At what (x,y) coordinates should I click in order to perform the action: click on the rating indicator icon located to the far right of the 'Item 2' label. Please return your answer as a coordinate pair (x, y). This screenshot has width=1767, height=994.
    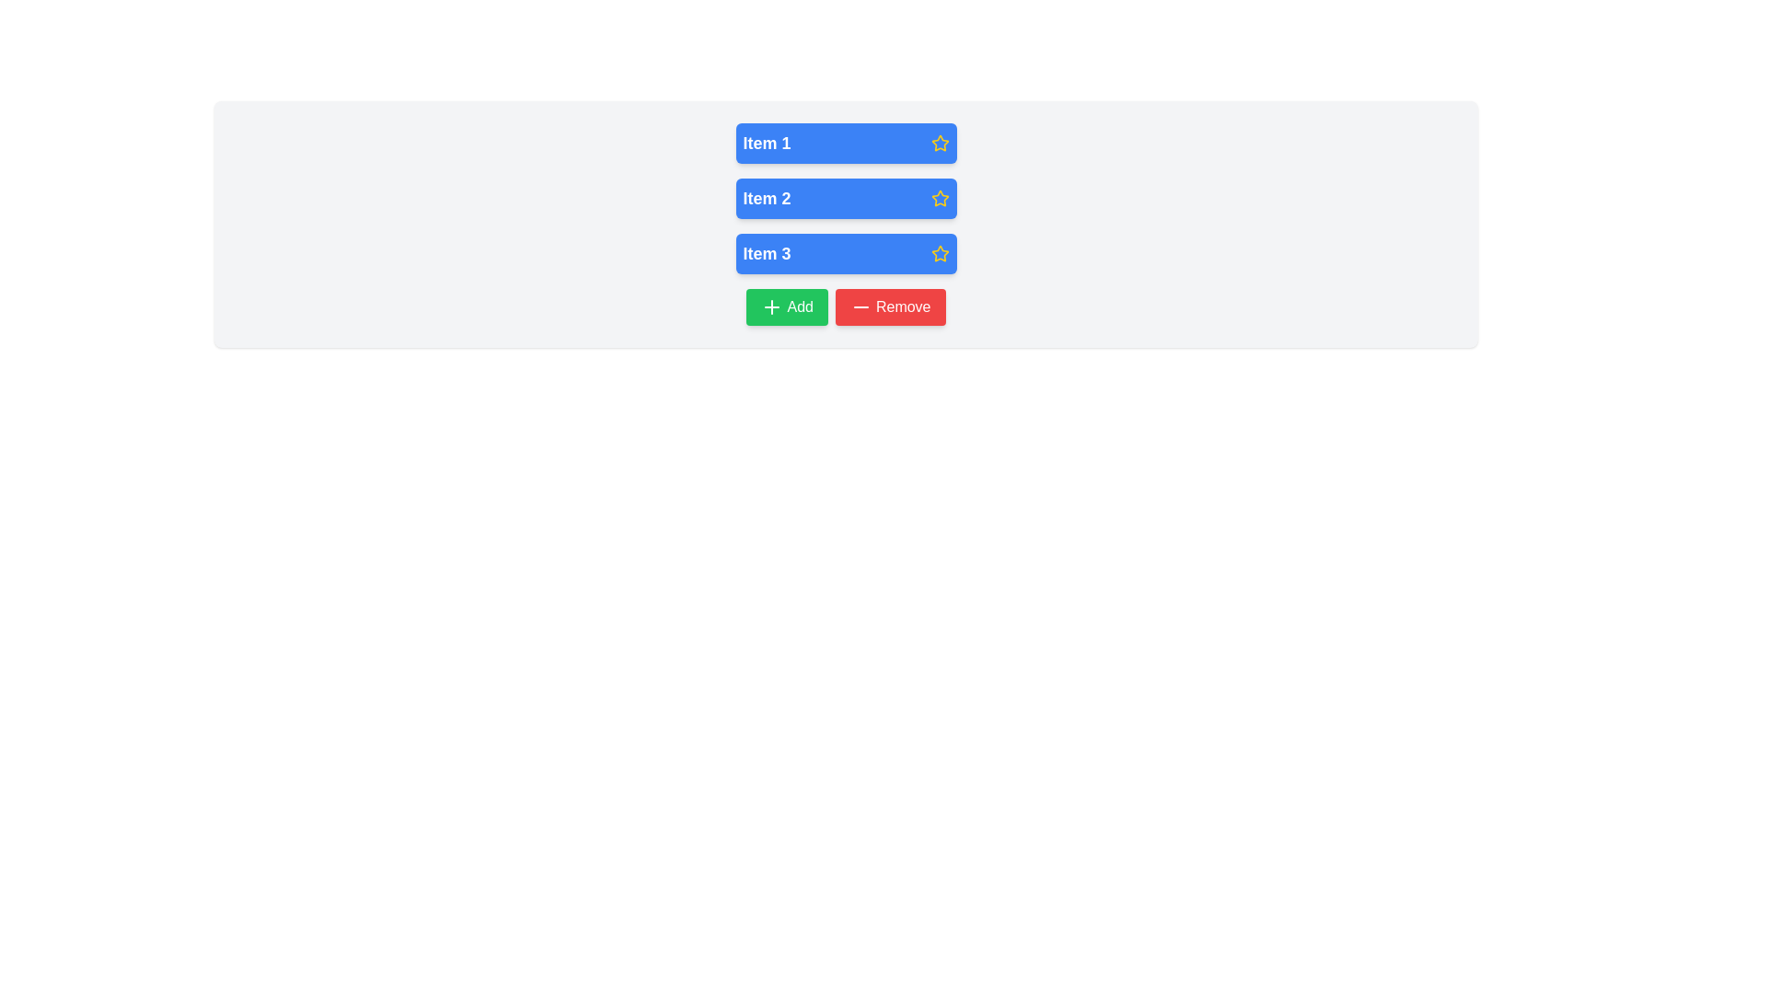
    Looking at the image, I should click on (940, 199).